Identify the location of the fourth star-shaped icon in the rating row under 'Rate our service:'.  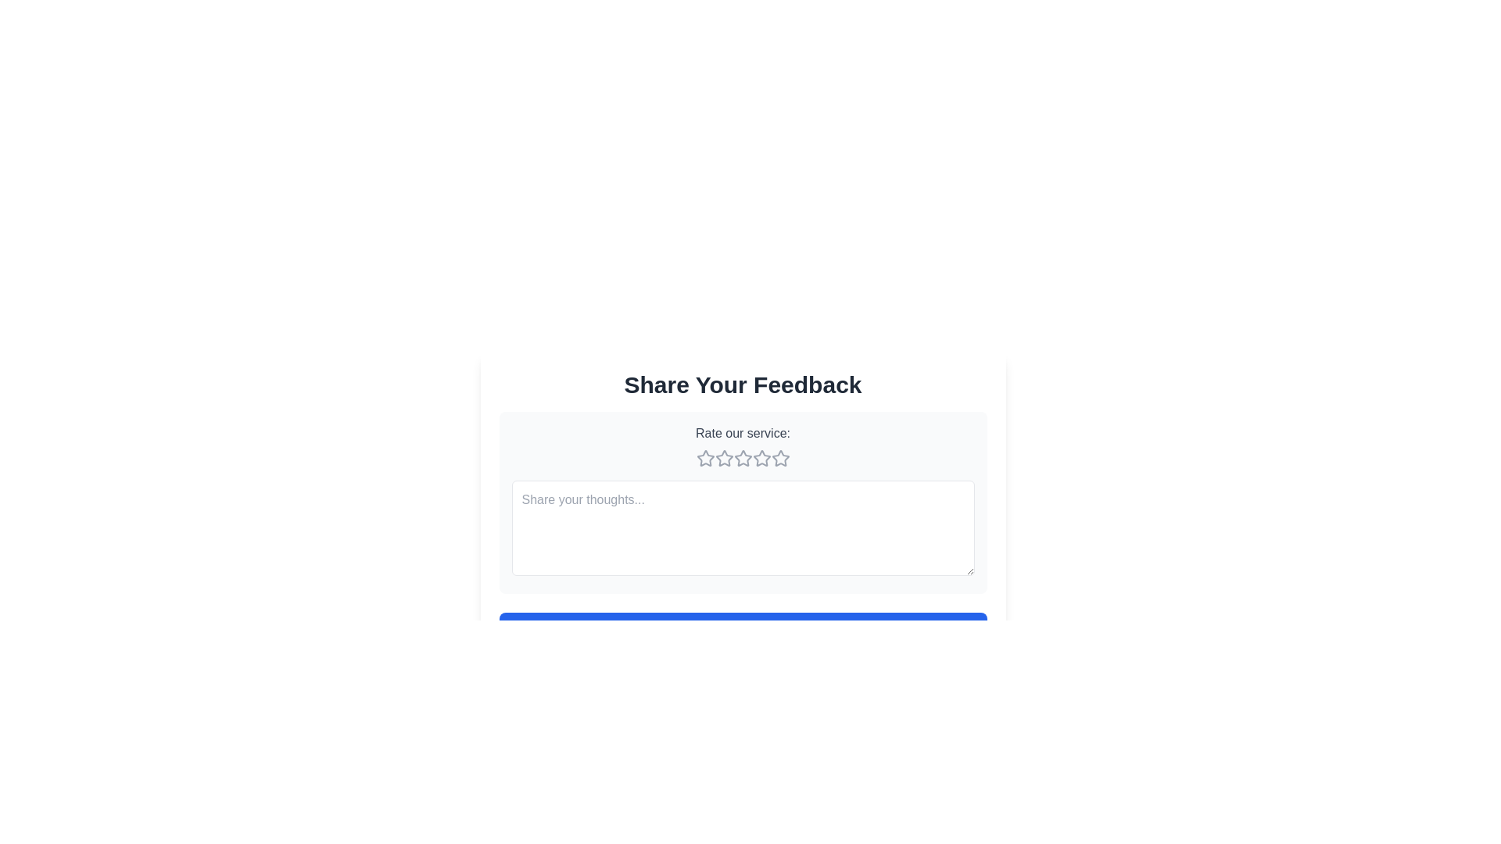
(761, 457).